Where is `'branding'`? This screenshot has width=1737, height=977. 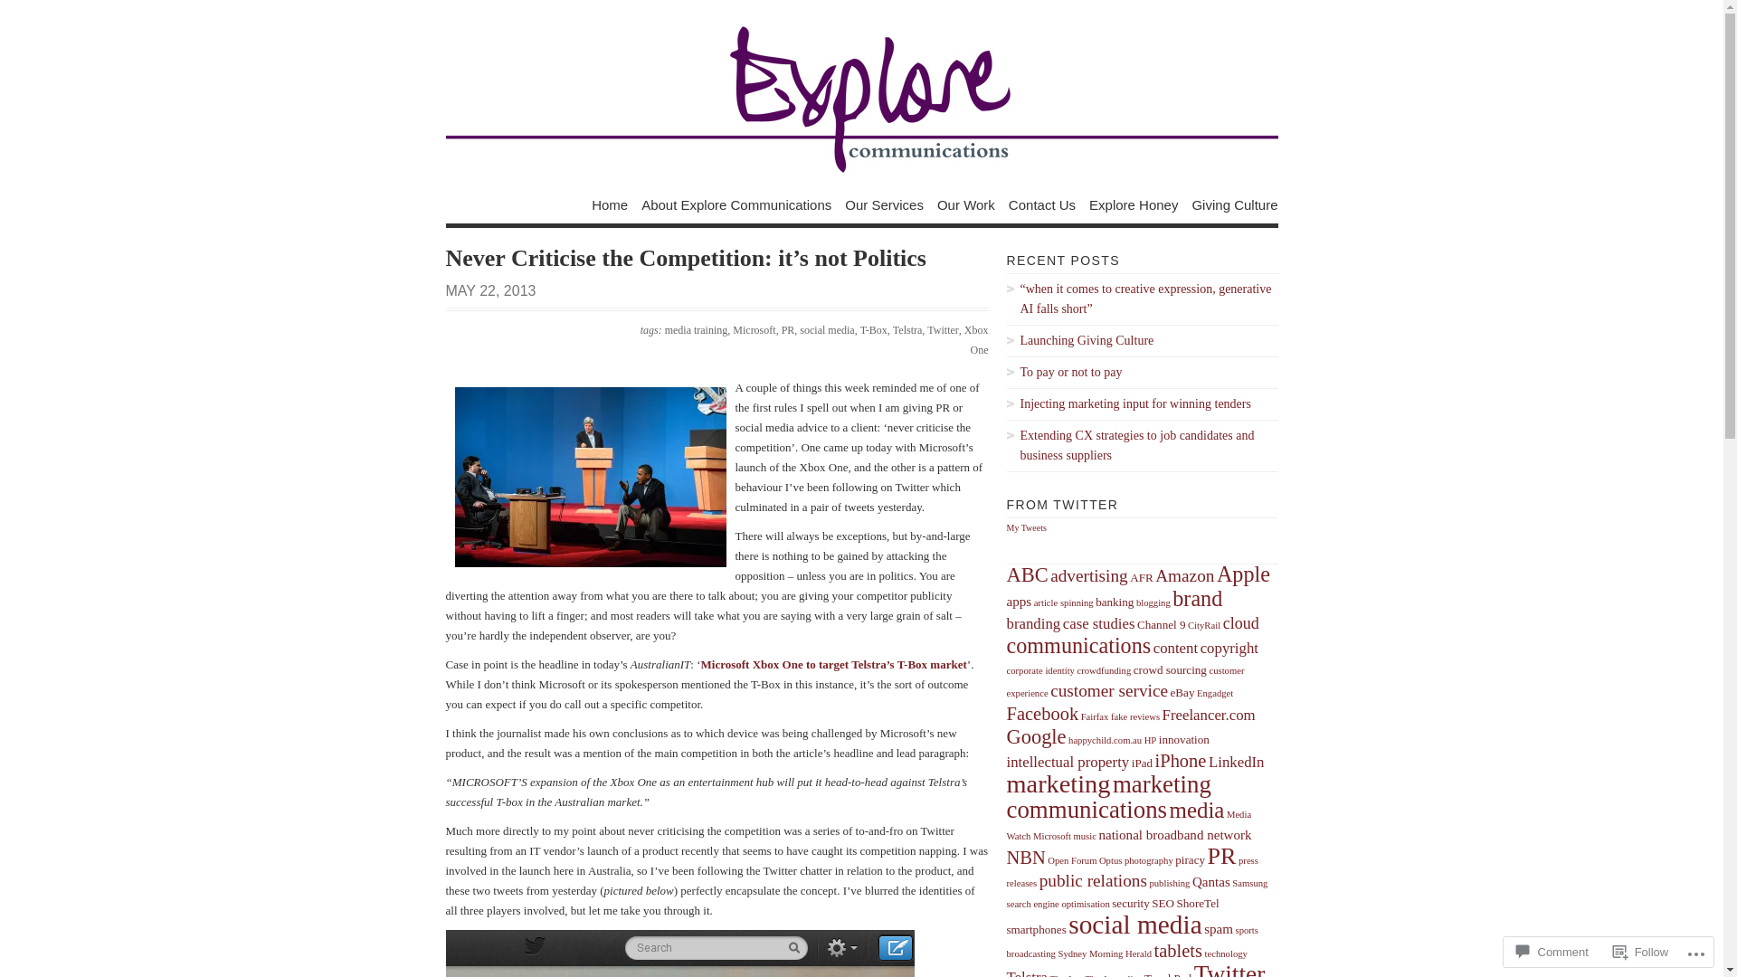 'branding' is located at coordinates (1033, 622).